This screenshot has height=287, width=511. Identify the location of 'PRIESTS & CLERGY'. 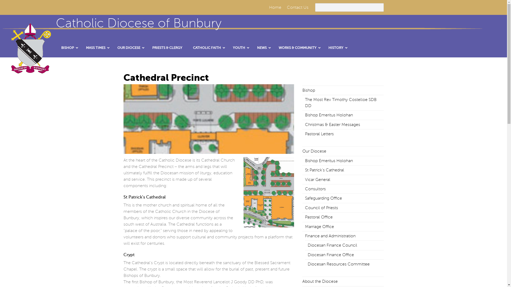
(147, 47).